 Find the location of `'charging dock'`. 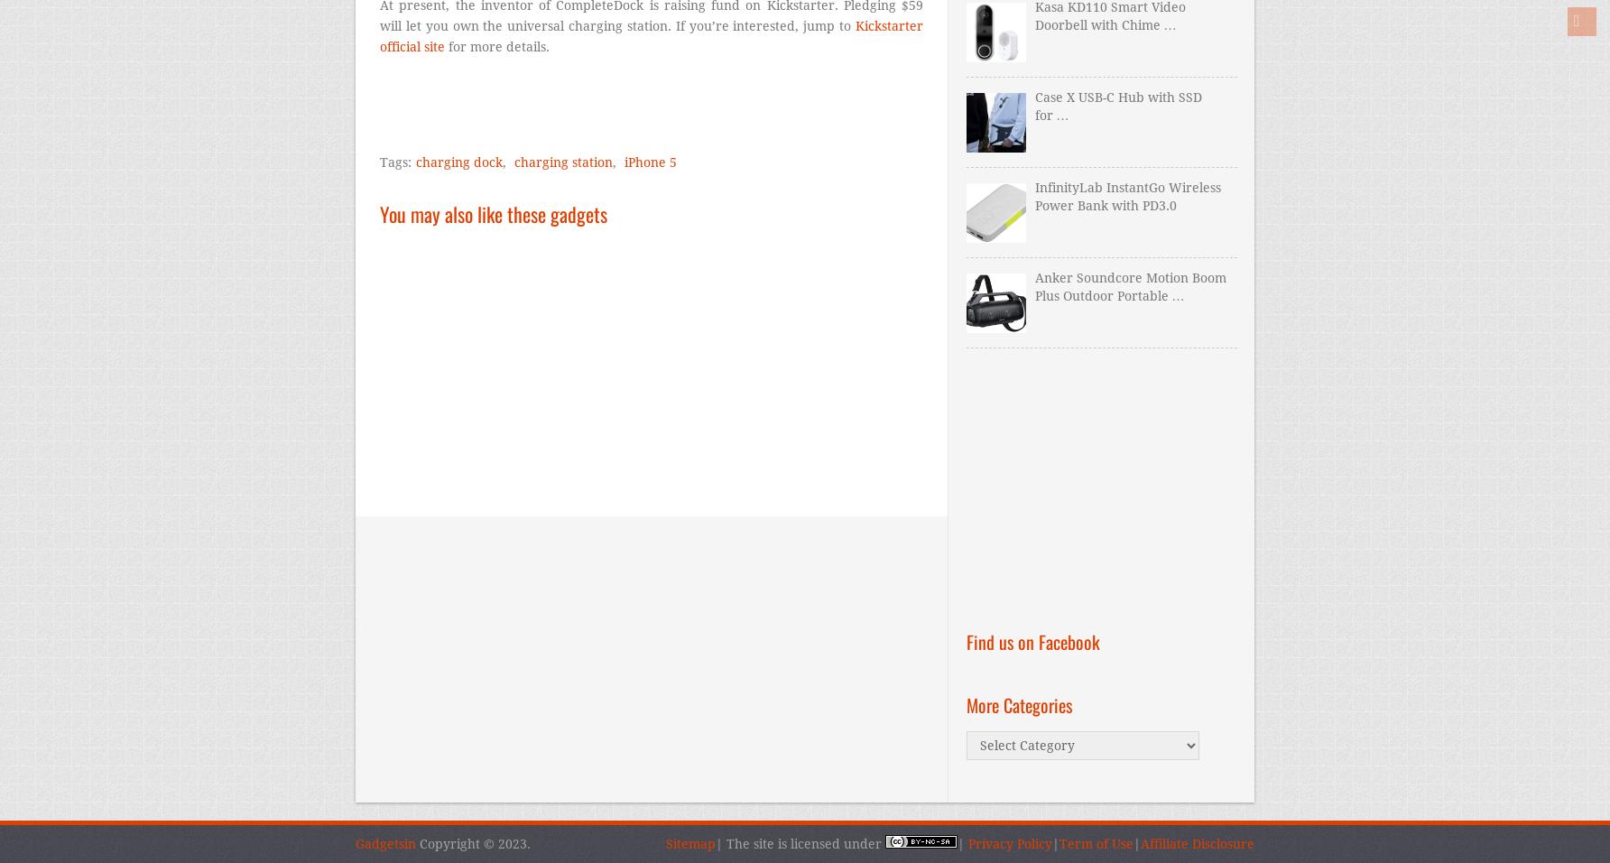

'charging dock' is located at coordinates (458, 162).